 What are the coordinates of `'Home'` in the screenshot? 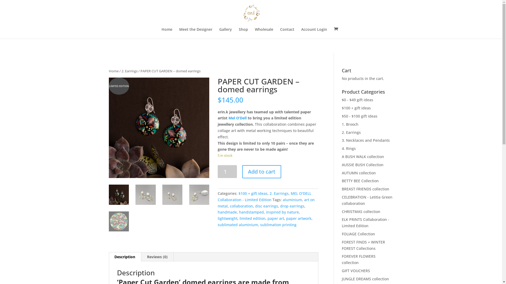 It's located at (161, 33).